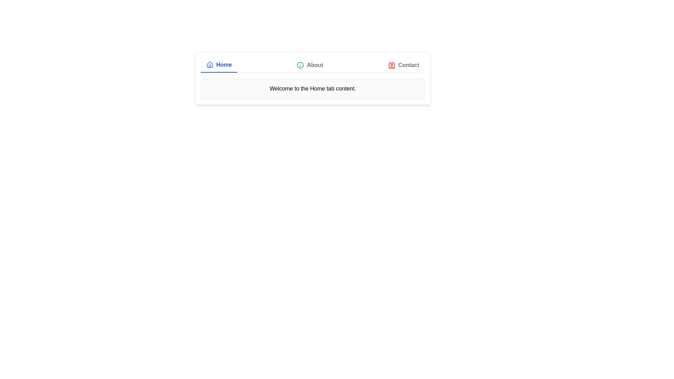 The image size is (674, 379). What do you see at coordinates (315, 65) in the screenshot?
I see `the 'About' text label in the navigation bar` at bounding box center [315, 65].